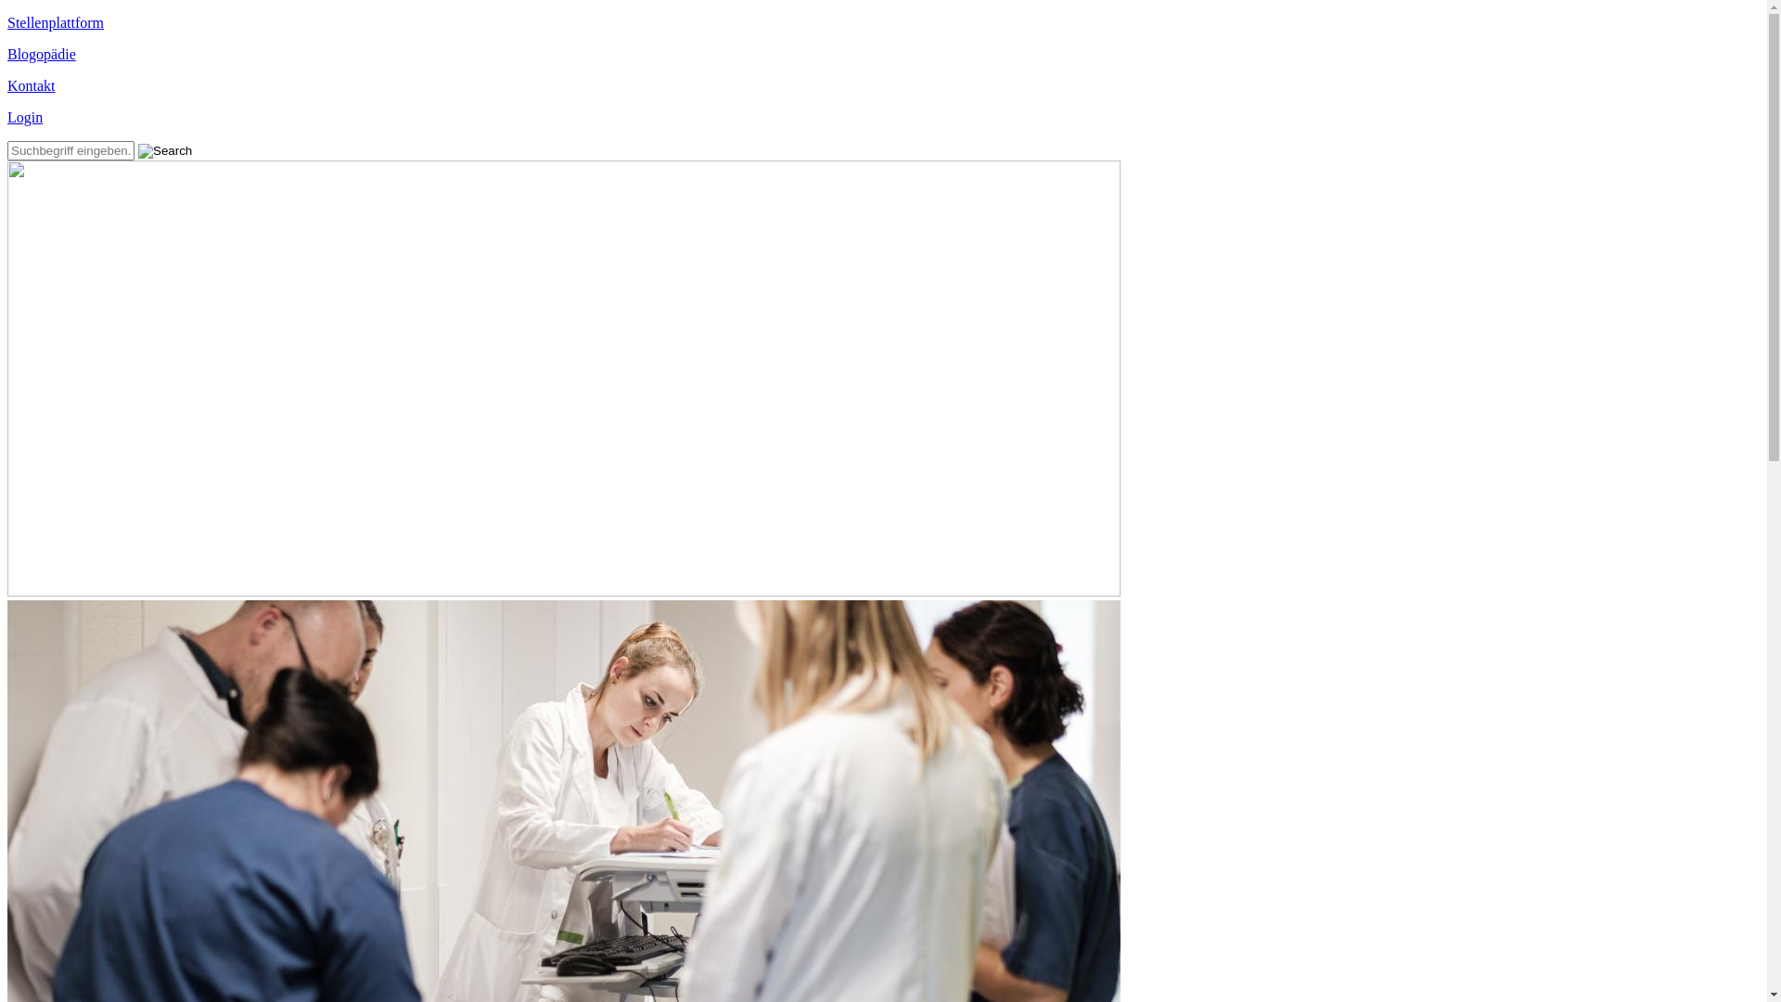 This screenshot has width=1781, height=1002. What do you see at coordinates (7, 15) in the screenshot?
I see `'Direkt zum Inhalt'` at bounding box center [7, 15].